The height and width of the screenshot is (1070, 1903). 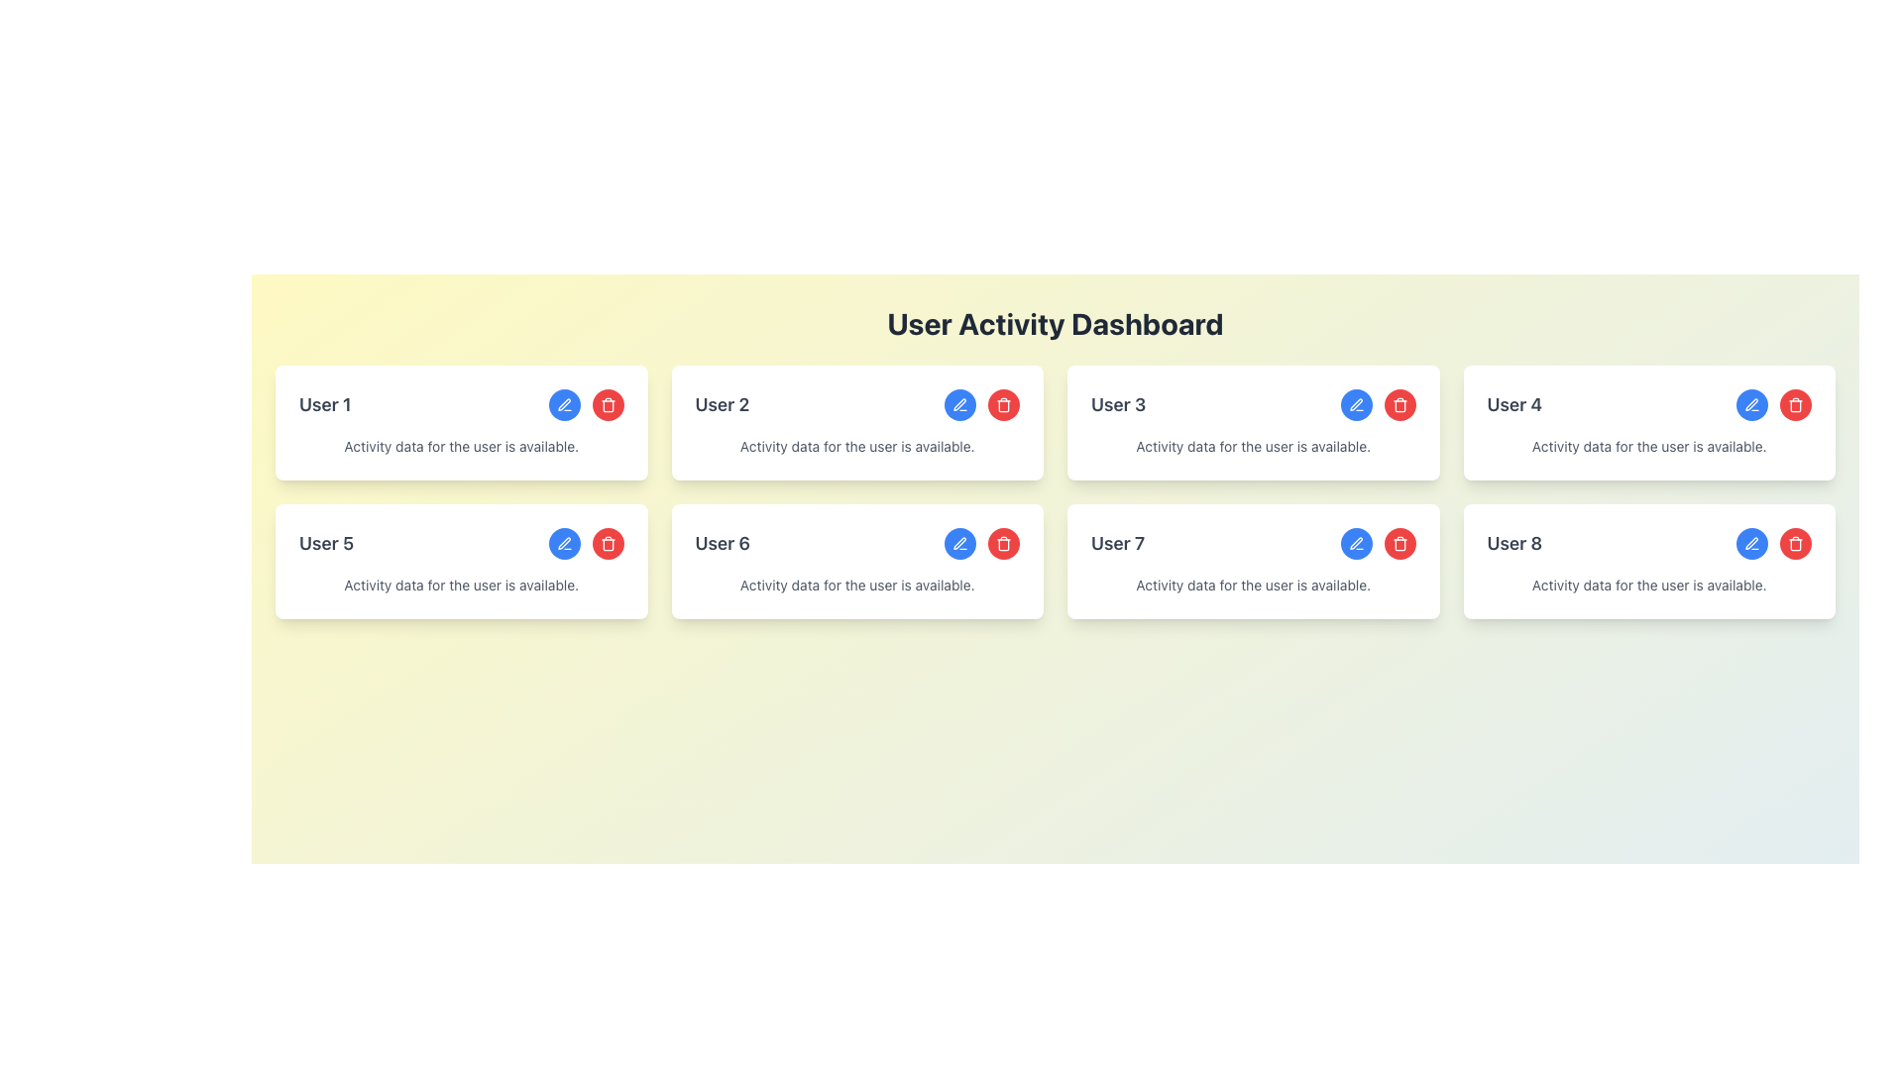 What do you see at coordinates (326, 543) in the screenshot?
I see `the text label displaying 'User 5' located in the second card of the second row in the grid layout` at bounding box center [326, 543].